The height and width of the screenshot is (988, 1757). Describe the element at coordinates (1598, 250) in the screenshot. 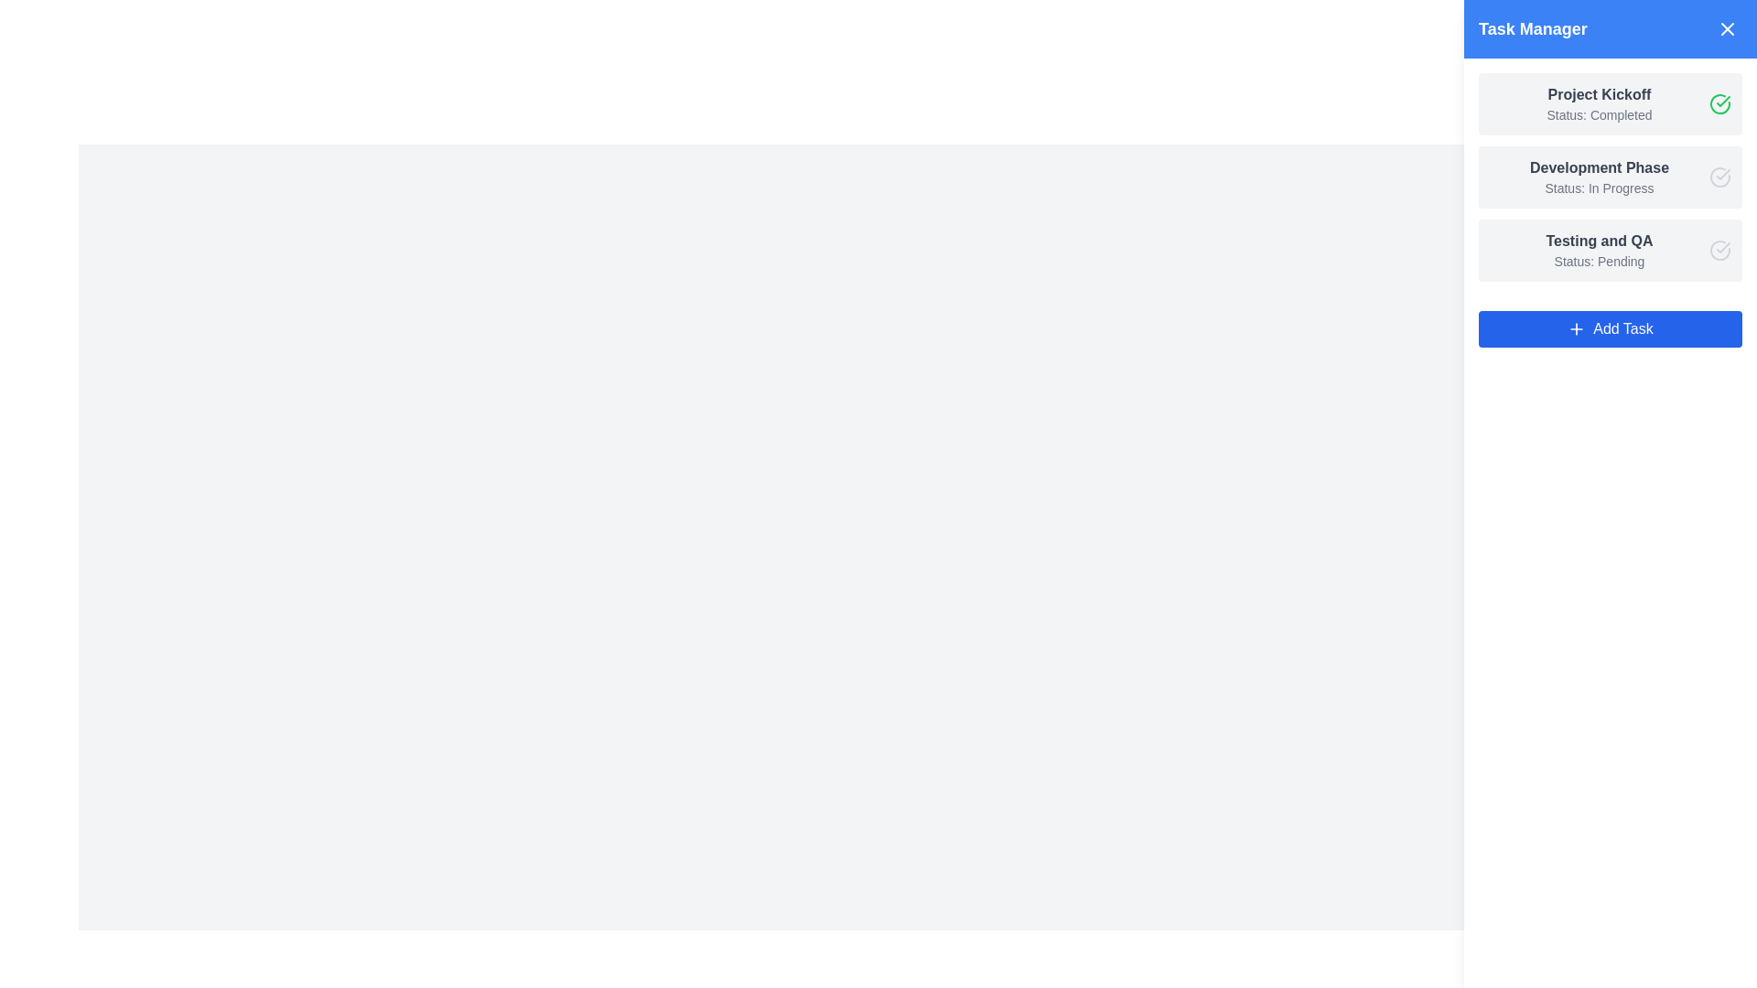

I see `label displaying 'Testing and QA' in bold and 'Status: Pending' below it, located in the right-side panel titled 'Task Manager', between 'Development Phase' and the '+ Add Task' button` at that location.